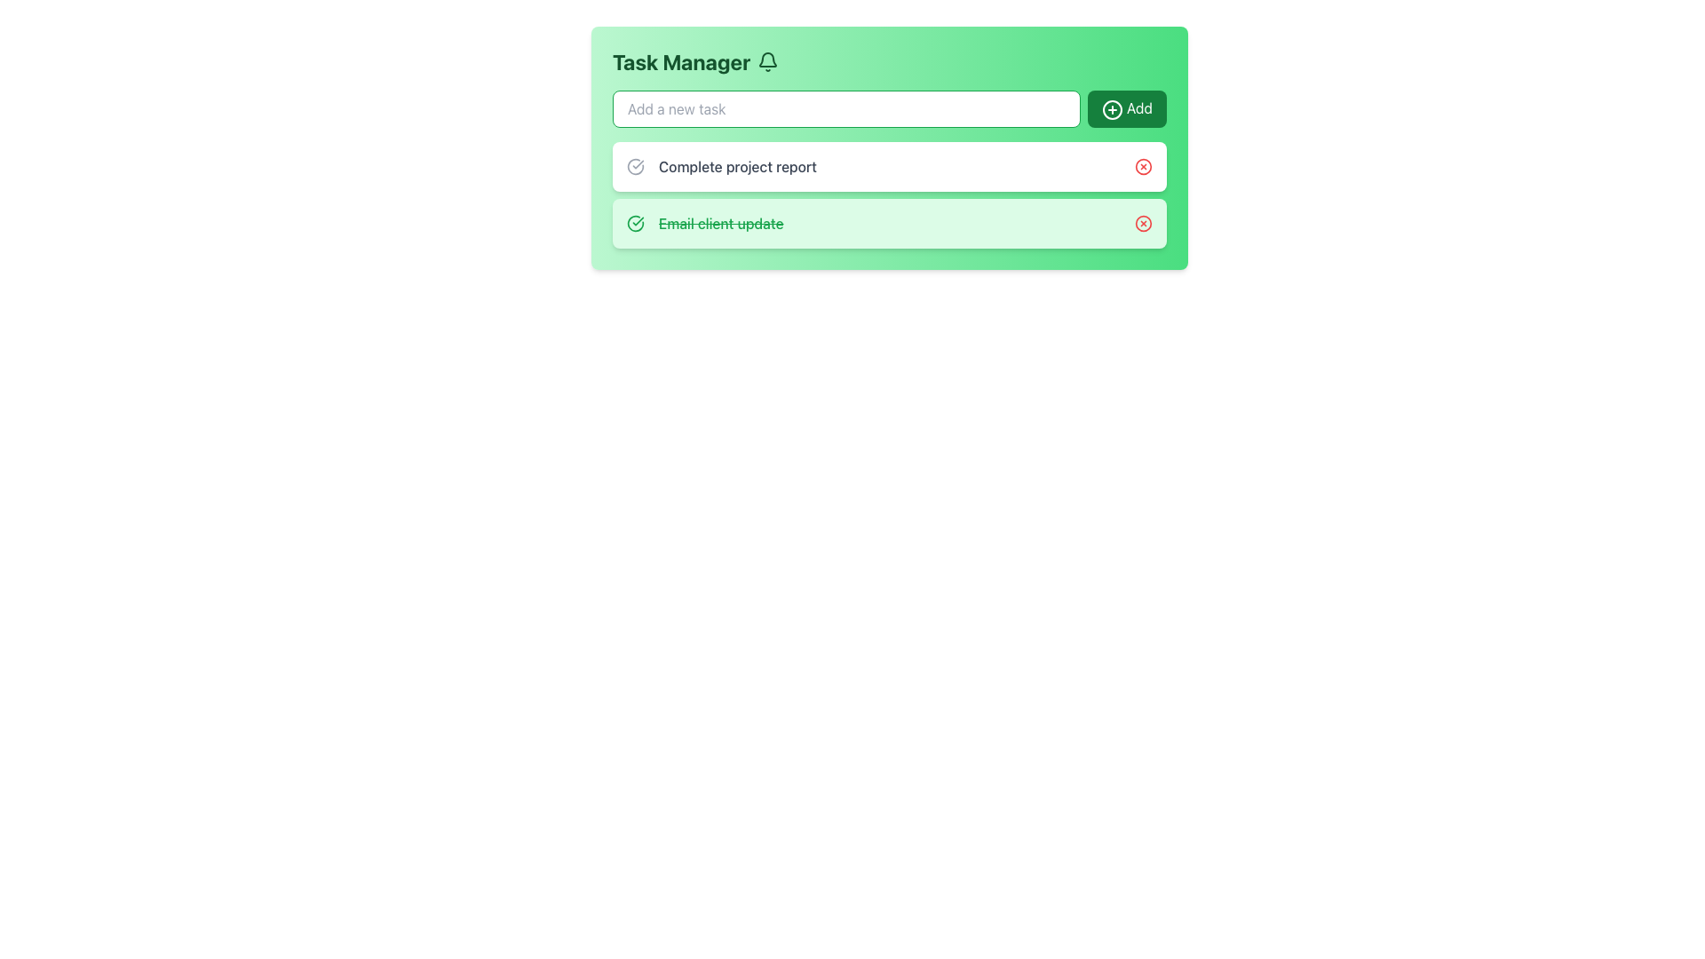 This screenshot has width=1705, height=959. I want to click on the delete button for the task 'Email client update' located at the end of its row, so click(1143, 222).